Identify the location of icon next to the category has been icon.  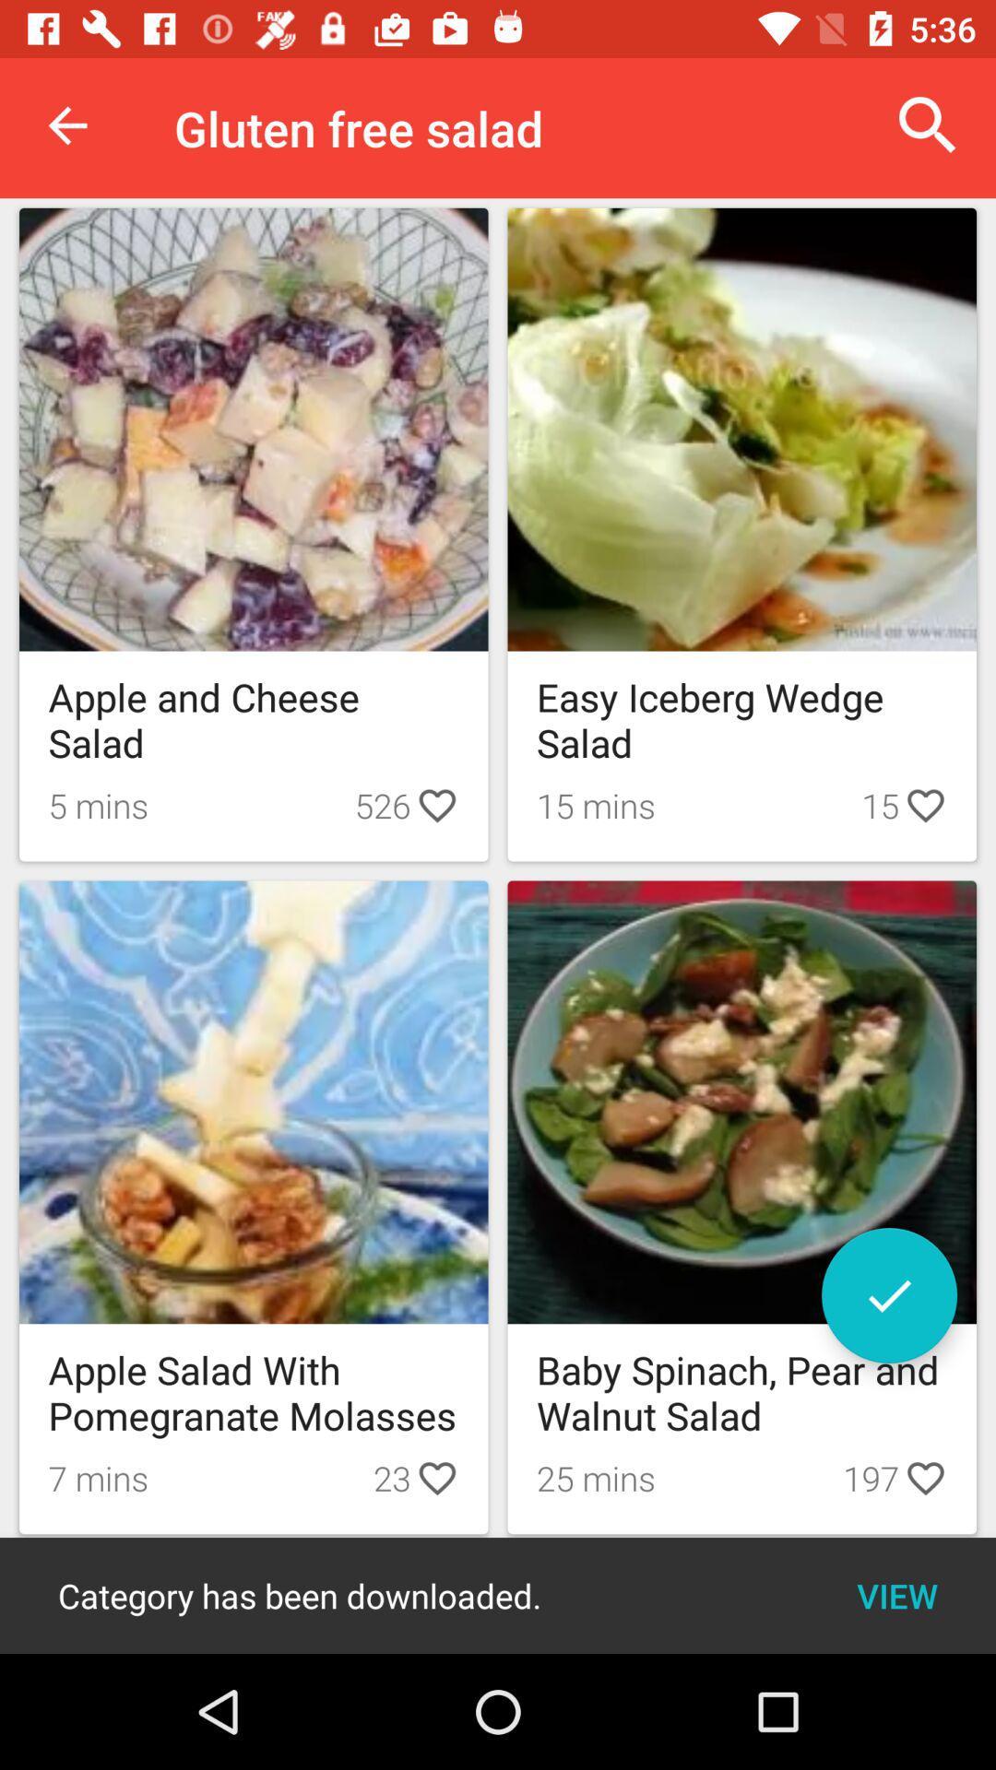
(896, 1595).